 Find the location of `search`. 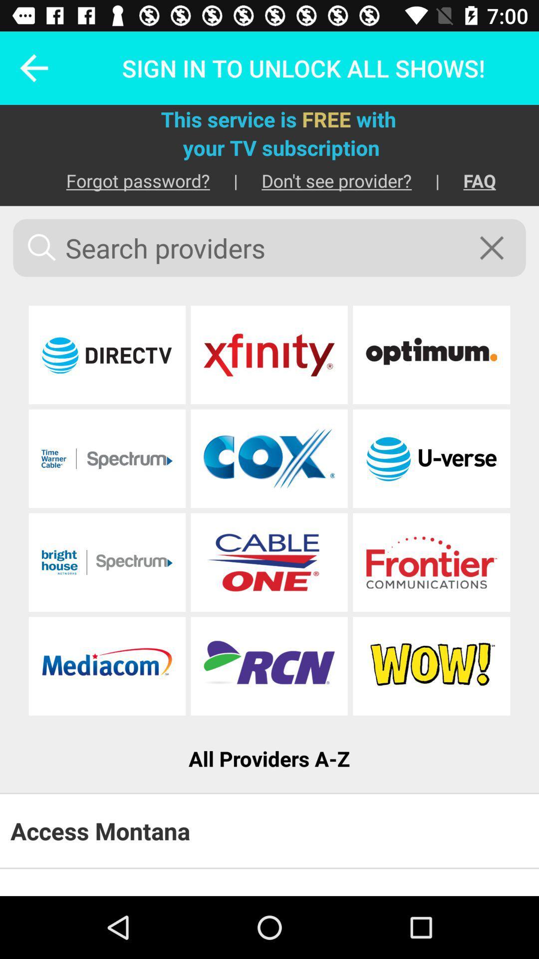

search is located at coordinates (498, 248).